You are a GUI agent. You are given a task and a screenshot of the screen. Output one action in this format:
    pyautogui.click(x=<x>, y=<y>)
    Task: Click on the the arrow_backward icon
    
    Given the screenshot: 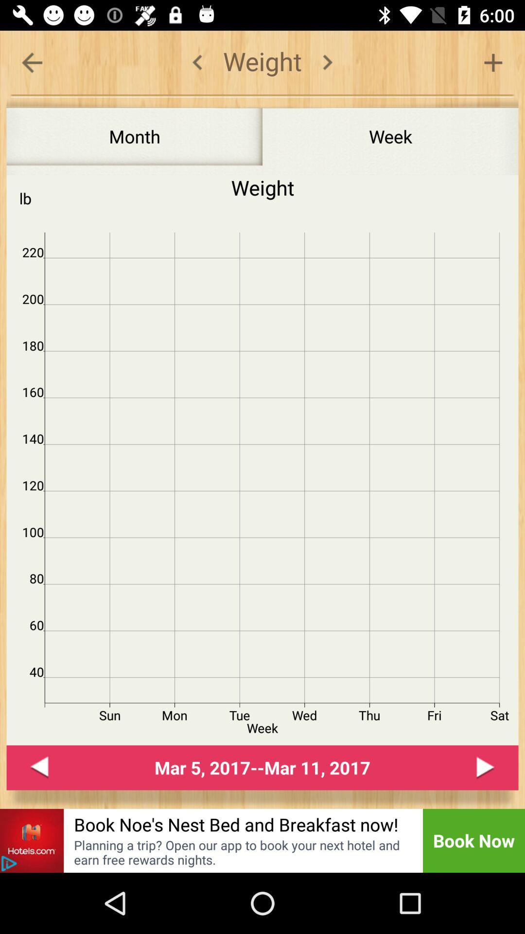 What is the action you would take?
    pyautogui.click(x=39, y=767)
    